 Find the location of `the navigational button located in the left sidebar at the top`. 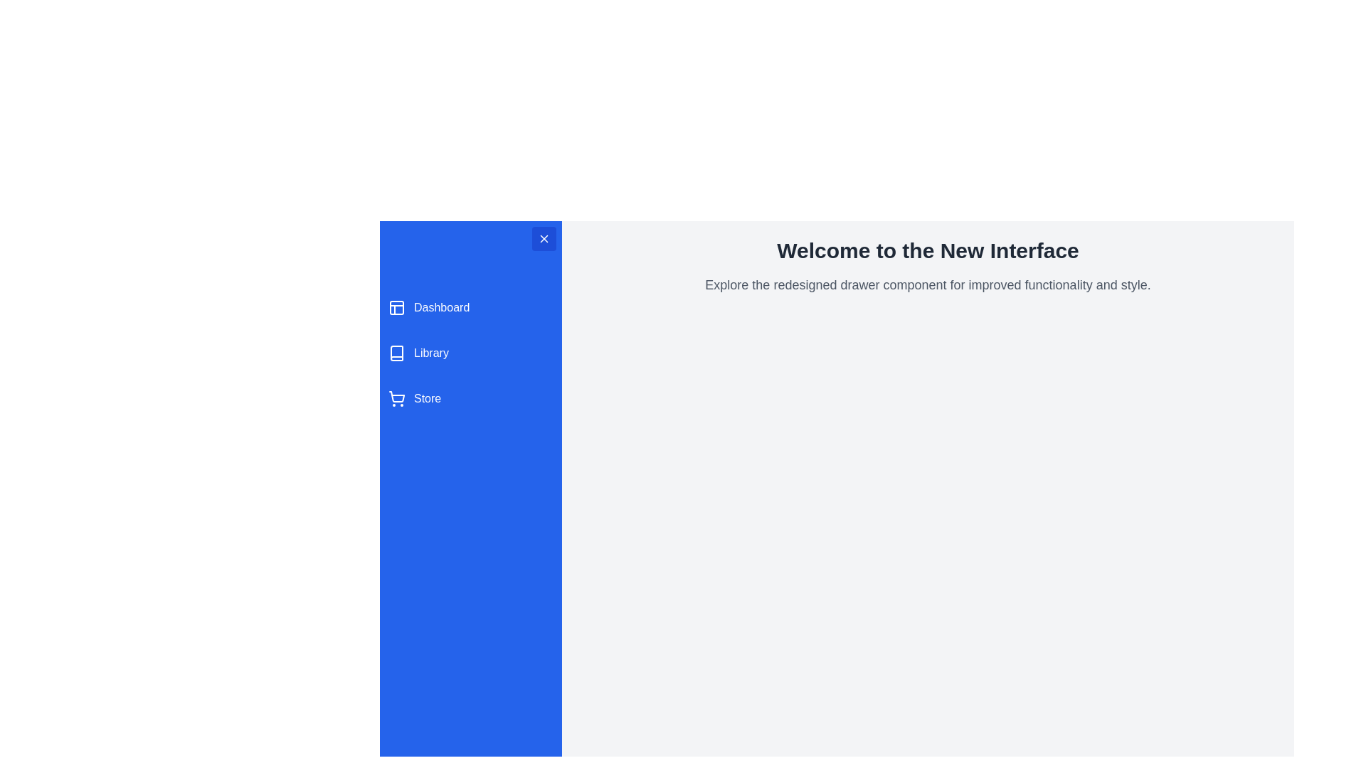

the navigational button located in the left sidebar at the top is located at coordinates (471, 306).